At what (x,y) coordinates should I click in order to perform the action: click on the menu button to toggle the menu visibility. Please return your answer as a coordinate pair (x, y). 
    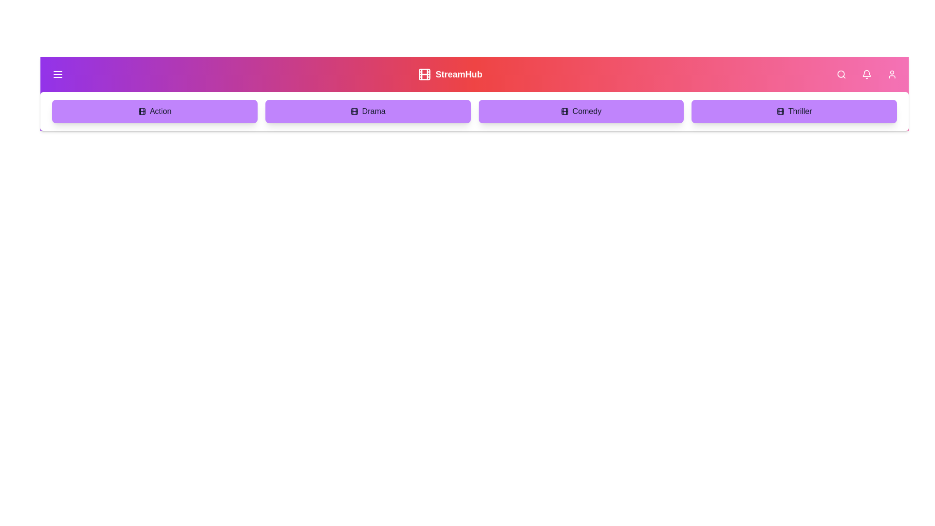
    Looking at the image, I should click on (57, 74).